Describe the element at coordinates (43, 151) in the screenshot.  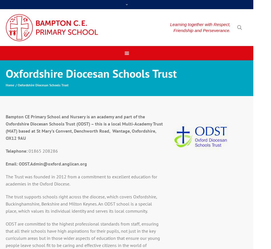
I see `'01865 208286'` at that location.